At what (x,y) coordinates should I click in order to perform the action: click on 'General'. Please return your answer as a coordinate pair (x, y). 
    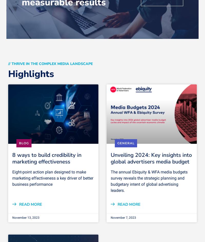
    Looking at the image, I should click on (126, 143).